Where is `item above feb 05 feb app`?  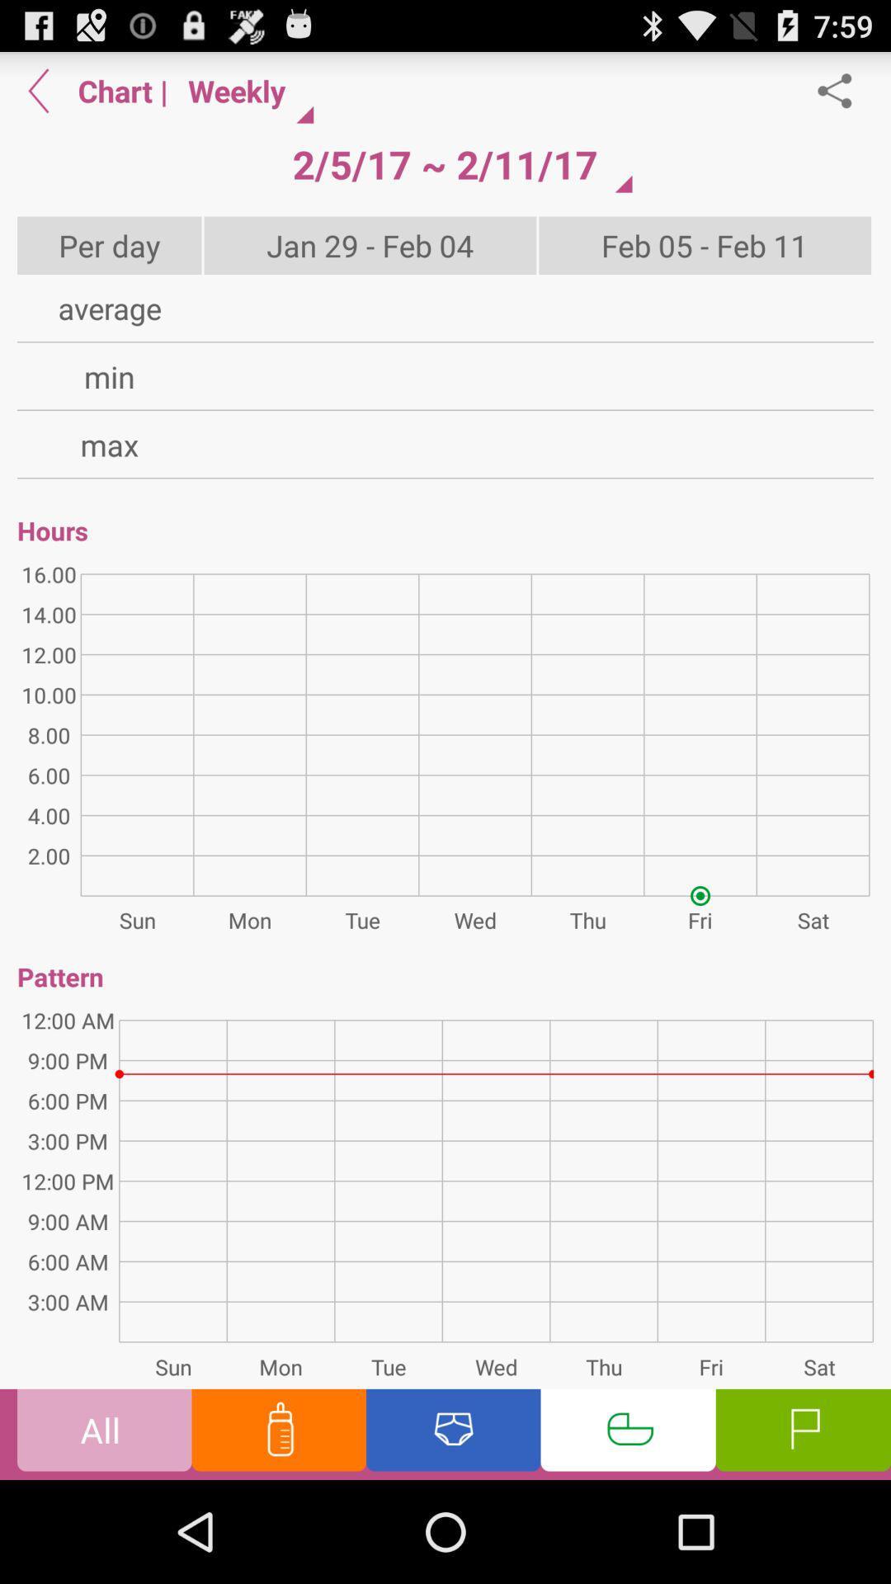
item above feb 05 feb app is located at coordinates (843, 90).